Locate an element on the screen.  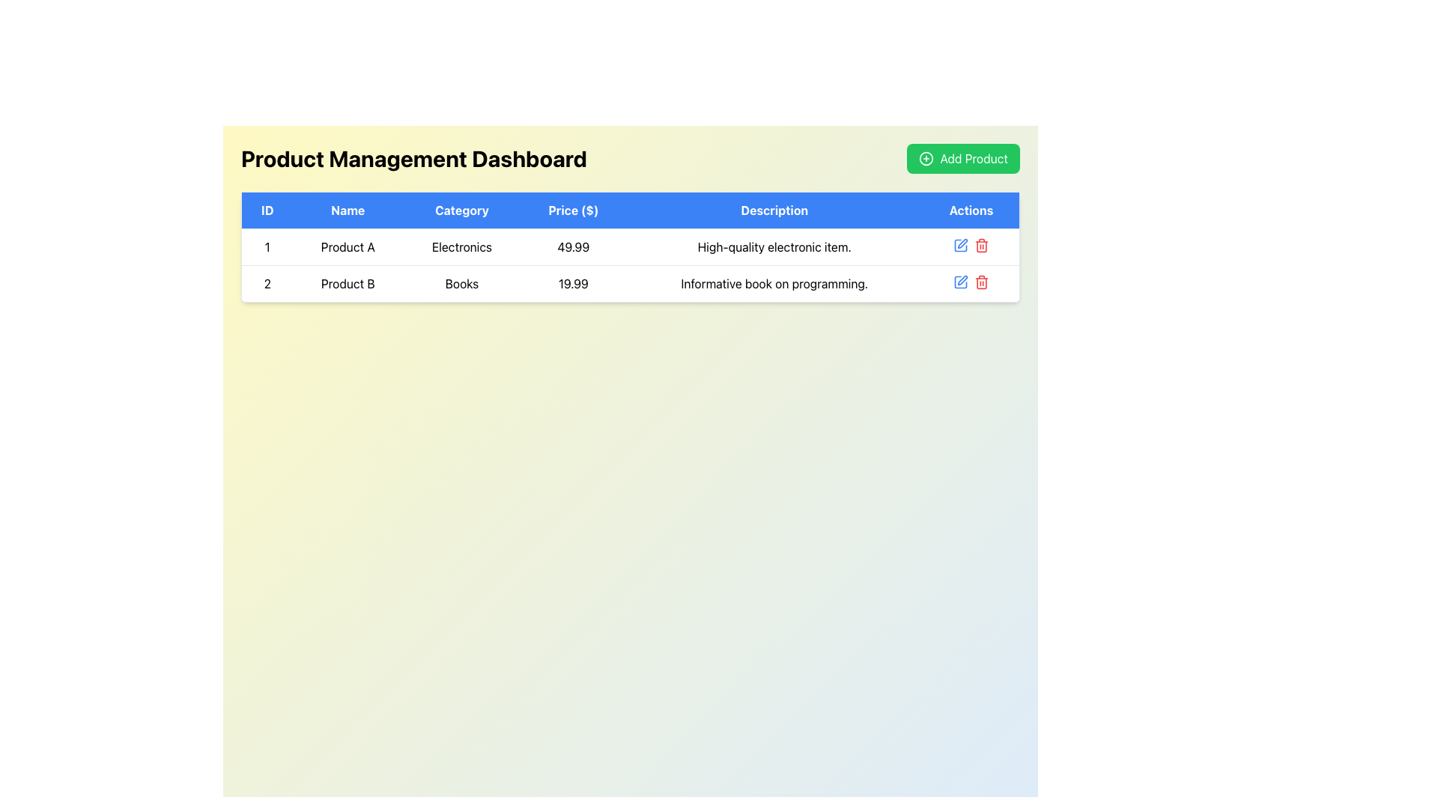
the blue pen icon button in the 'Actions' column of the second row for 'Product B' is located at coordinates (960, 282).